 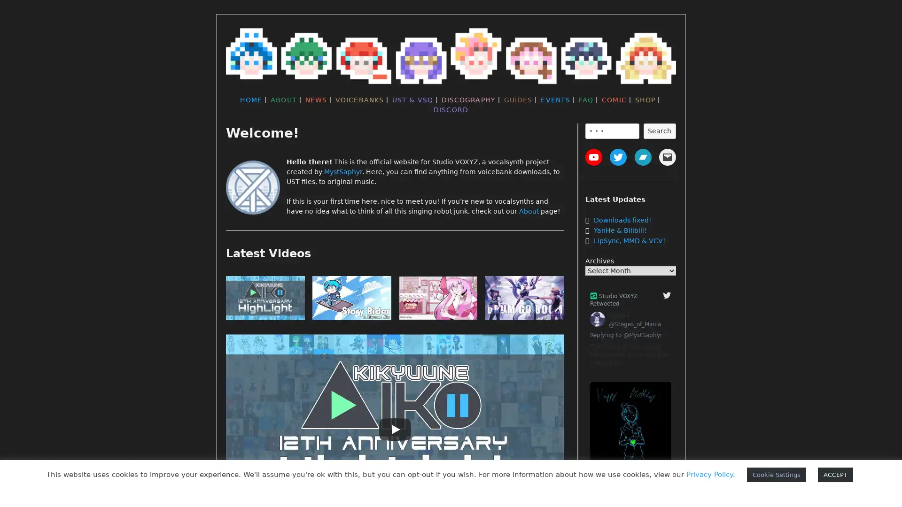 What do you see at coordinates (437, 300) in the screenshot?
I see `play` at bounding box center [437, 300].